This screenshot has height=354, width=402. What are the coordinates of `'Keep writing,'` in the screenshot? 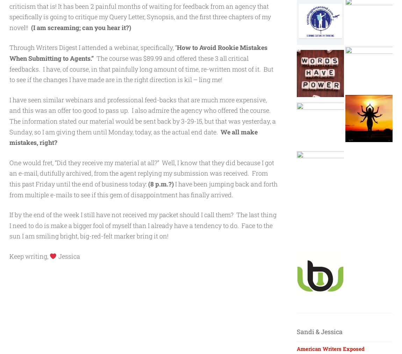 It's located at (9, 256).